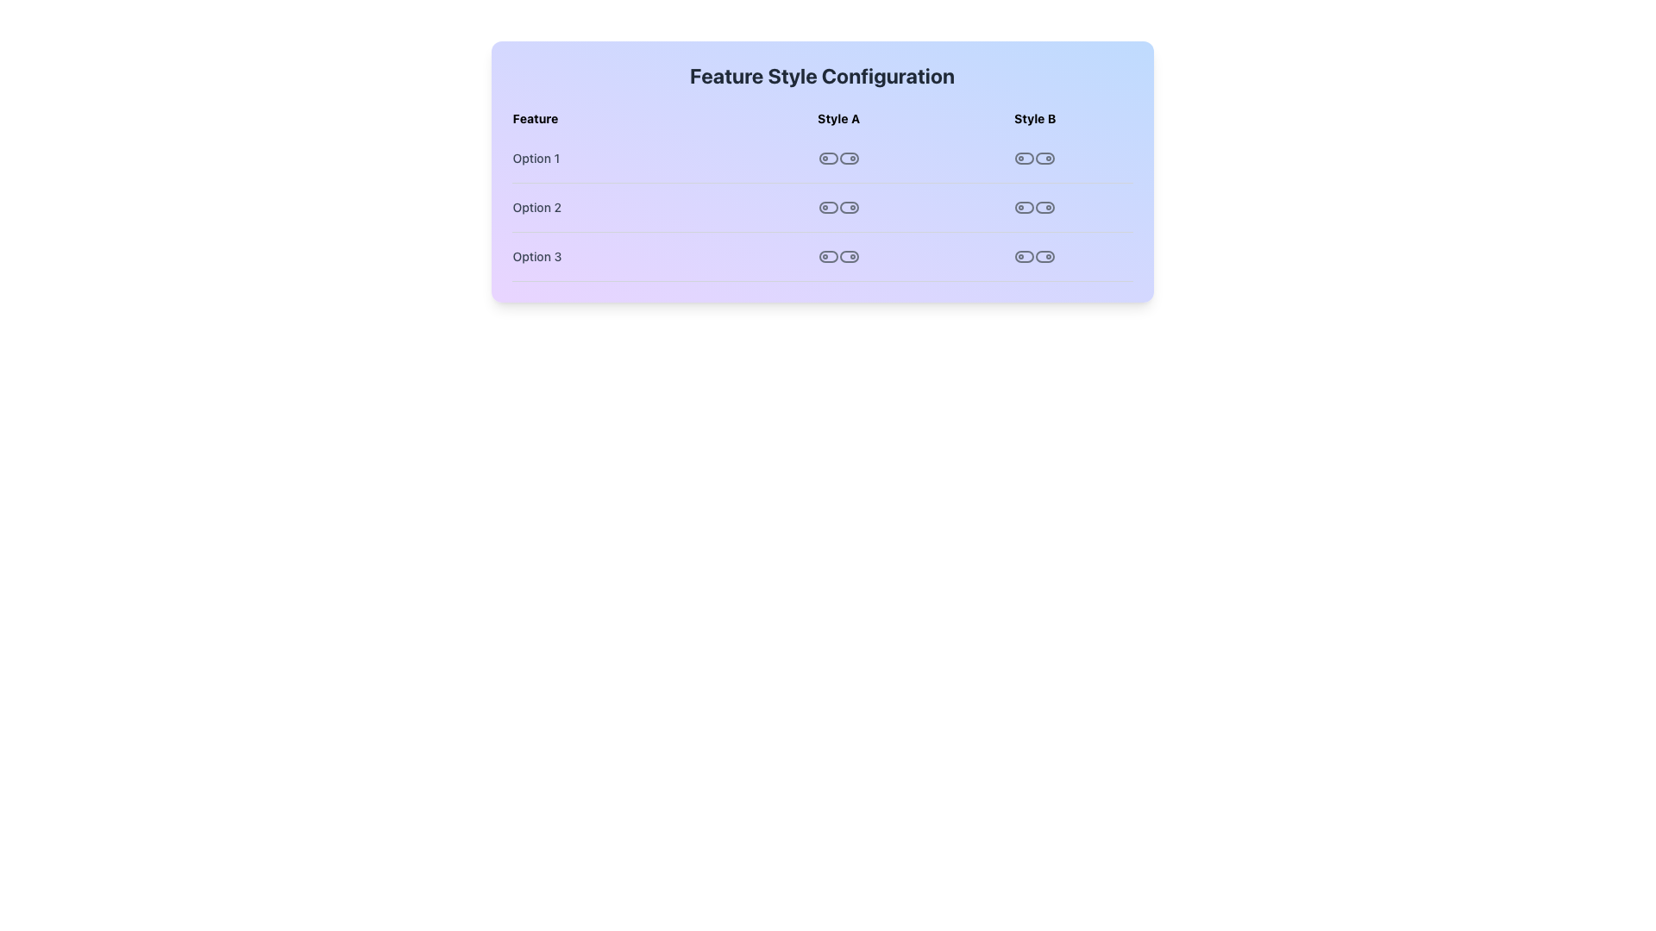 This screenshot has height=931, width=1656. I want to click on the toggle switch for 'Option 3' in the 'Style B' column, so click(1044, 256).